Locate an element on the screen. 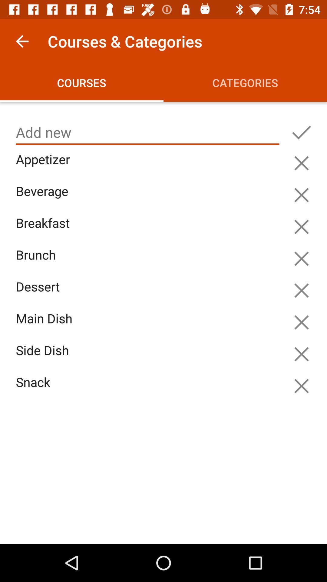 The width and height of the screenshot is (327, 582). icon below the brunch icon is located at coordinates (149, 294).